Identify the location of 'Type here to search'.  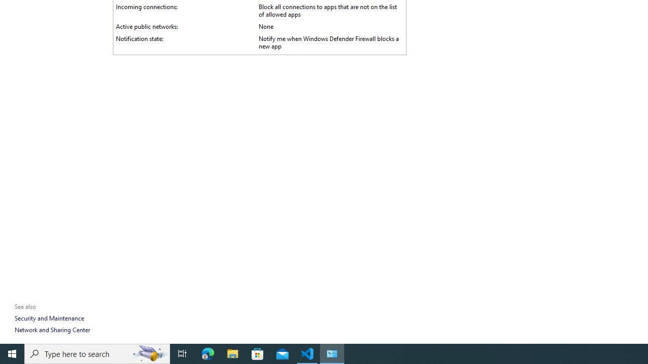
(97, 353).